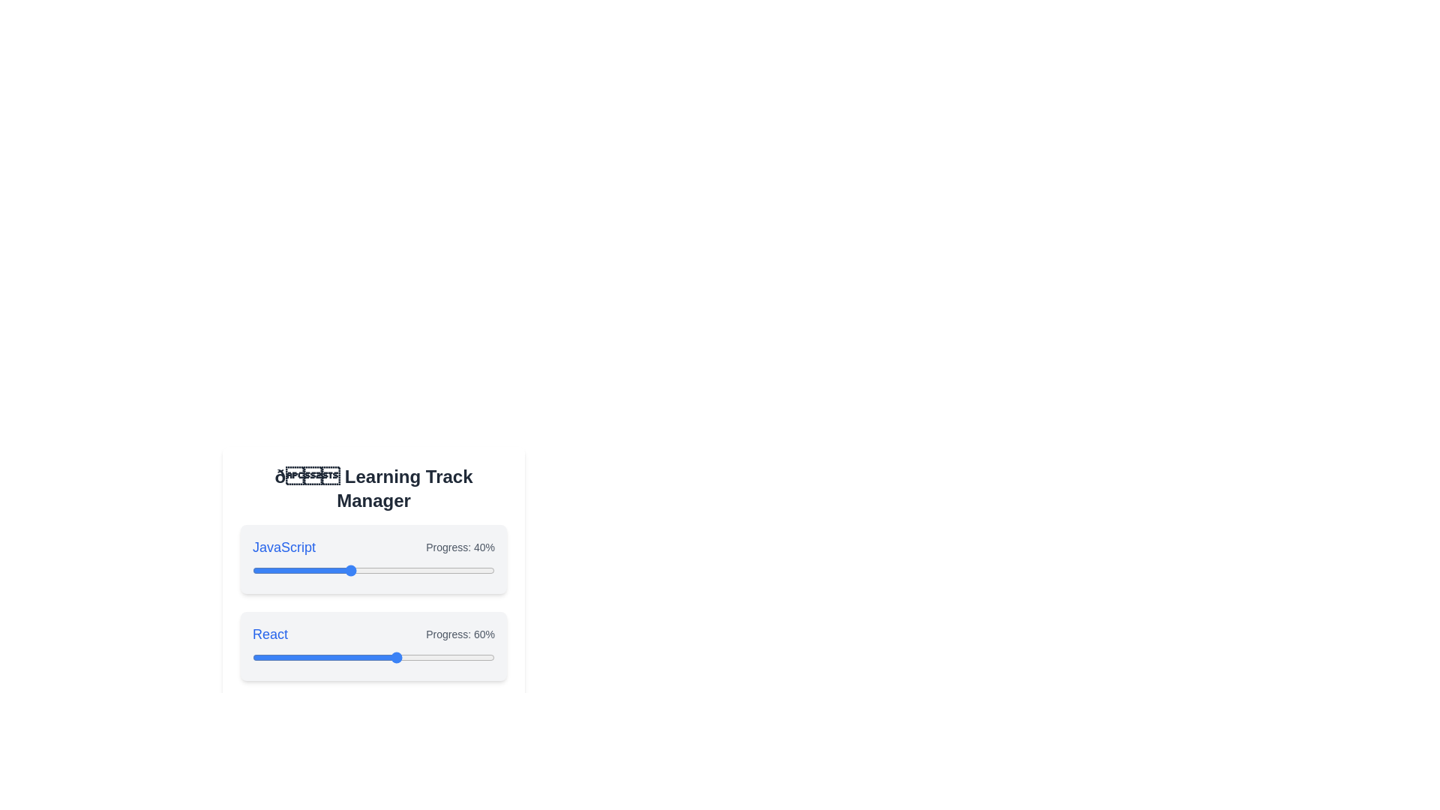  I want to click on the progress, so click(339, 656).